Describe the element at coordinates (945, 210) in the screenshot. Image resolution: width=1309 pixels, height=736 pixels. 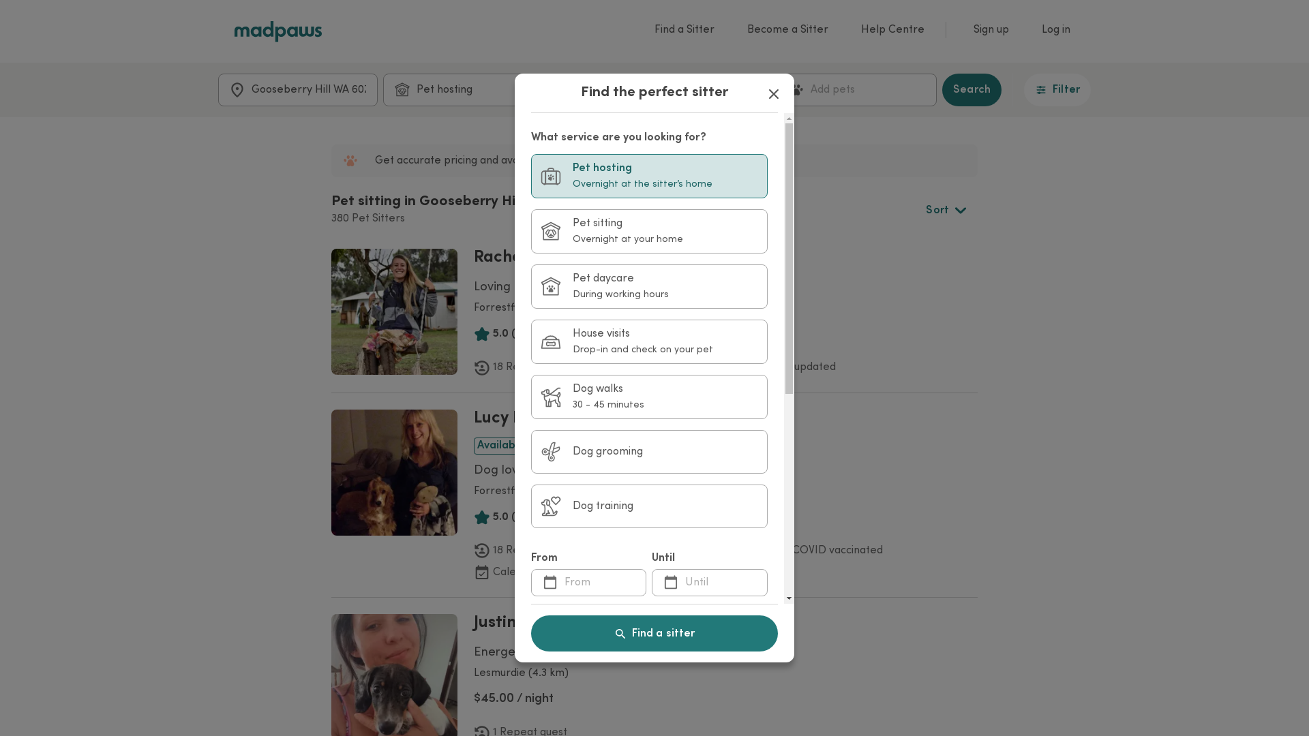
I see `'Sort'` at that location.